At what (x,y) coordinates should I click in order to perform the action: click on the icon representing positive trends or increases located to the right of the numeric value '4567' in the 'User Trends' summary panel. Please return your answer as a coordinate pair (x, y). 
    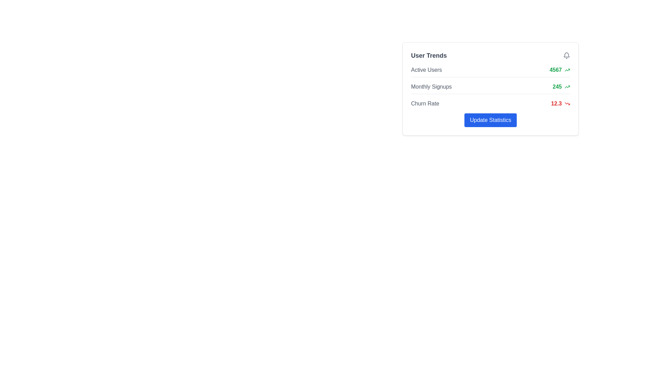
    Looking at the image, I should click on (567, 70).